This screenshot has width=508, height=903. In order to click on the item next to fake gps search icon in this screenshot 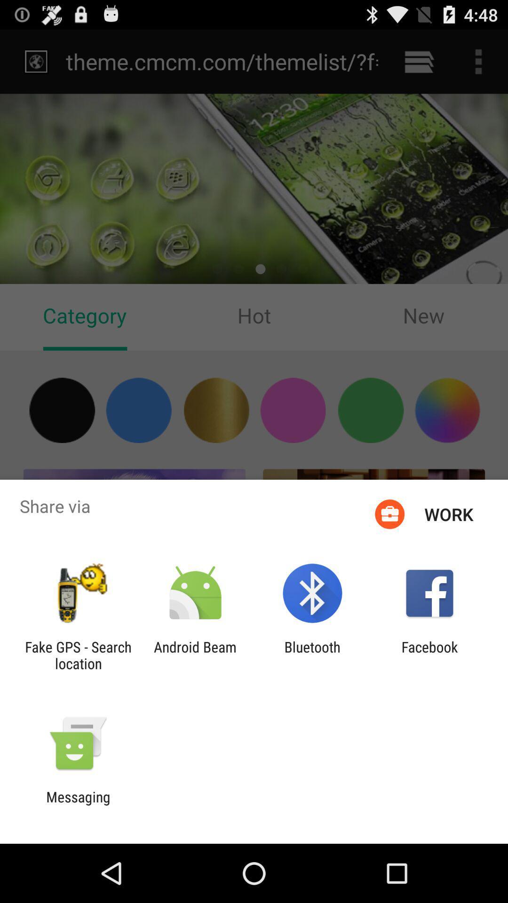, I will do `click(195, 655)`.